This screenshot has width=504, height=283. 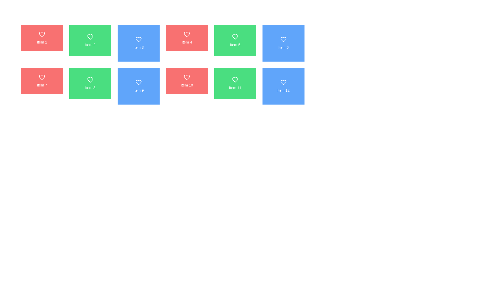 I want to click on the interactive icon located within the green square labeled 'Item 2' in the first row of the grid layout, so click(x=90, y=37).